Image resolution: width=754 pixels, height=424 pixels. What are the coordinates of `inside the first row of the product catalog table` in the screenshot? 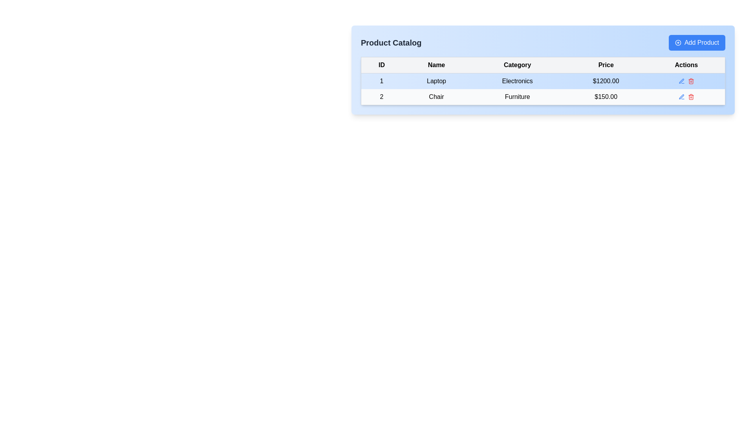 It's located at (542, 81).